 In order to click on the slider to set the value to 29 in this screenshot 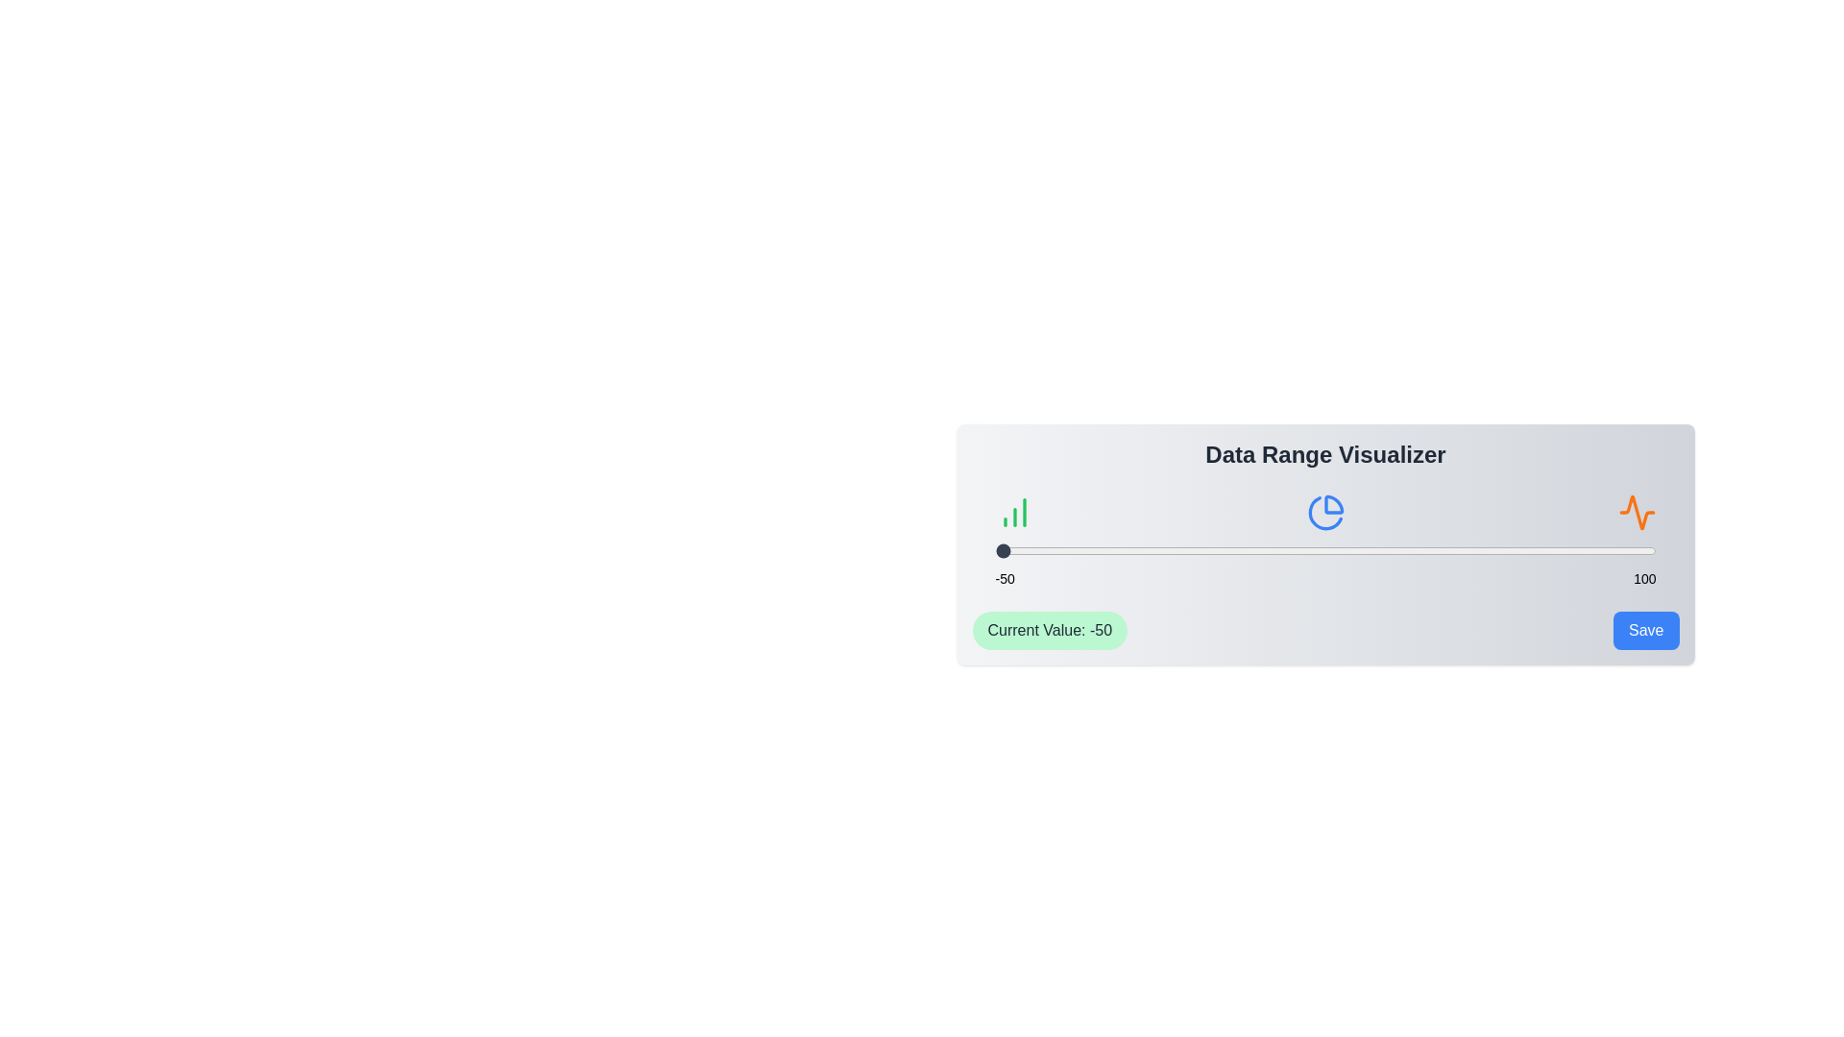, I will do `click(1342, 551)`.